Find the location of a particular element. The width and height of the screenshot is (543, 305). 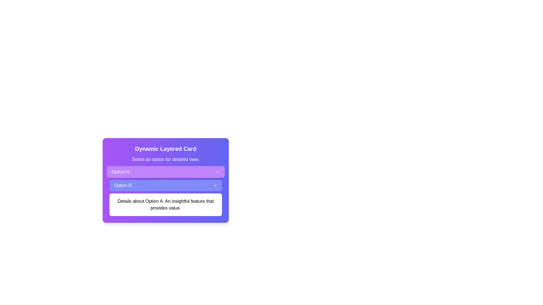

the informational text box that contains the text 'Details about Option A: An insightful feature that provides value.' is located at coordinates (165, 205).